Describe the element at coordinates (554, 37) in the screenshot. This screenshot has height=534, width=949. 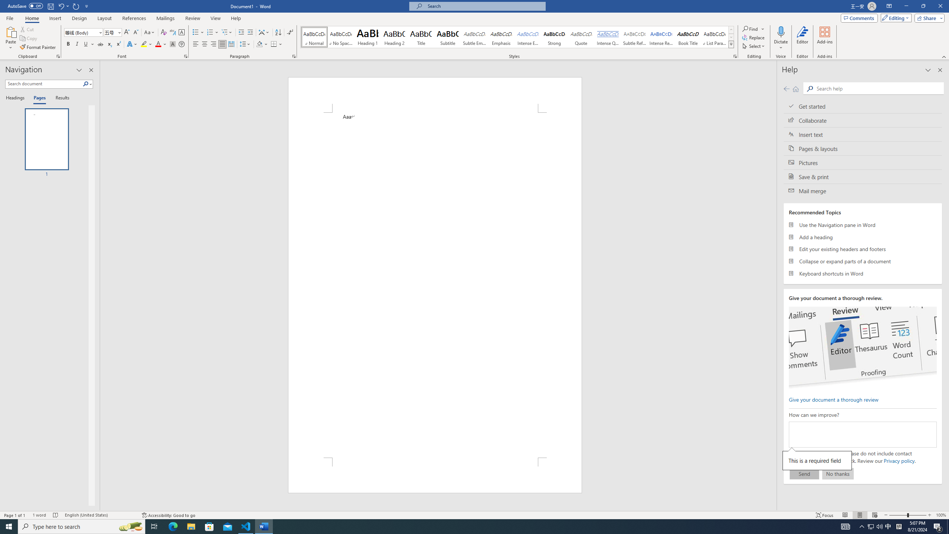
I see `'Strong'` at that location.